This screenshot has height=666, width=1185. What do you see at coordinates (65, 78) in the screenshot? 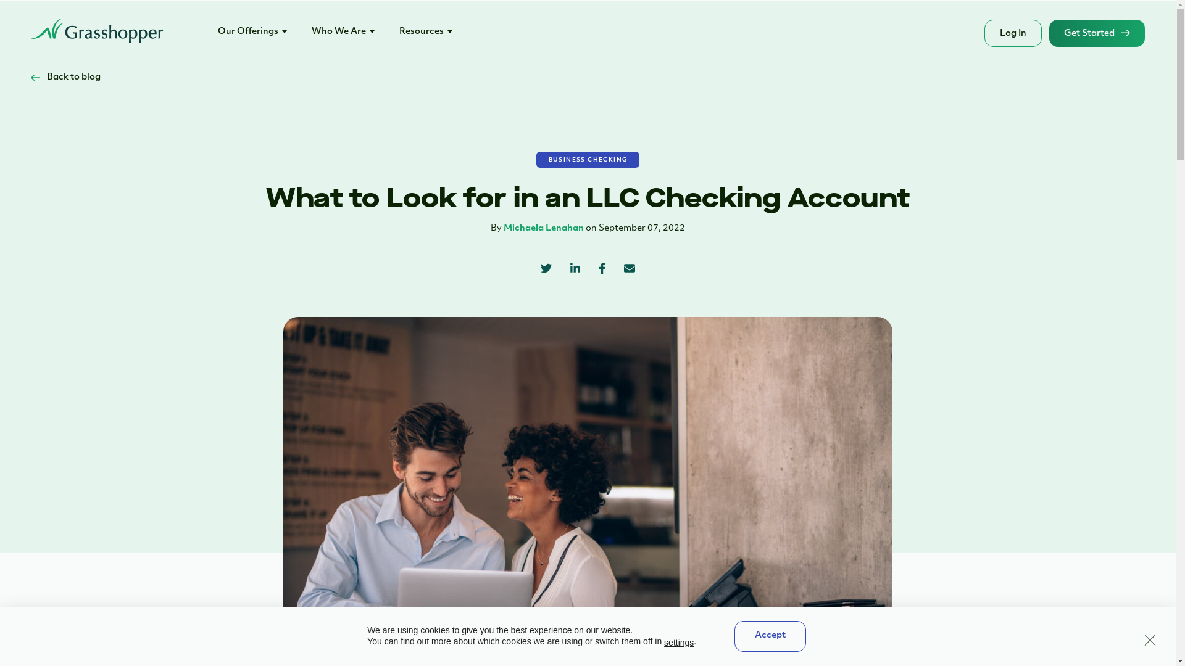
I see `'Back to blog'` at bounding box center [65, 78].